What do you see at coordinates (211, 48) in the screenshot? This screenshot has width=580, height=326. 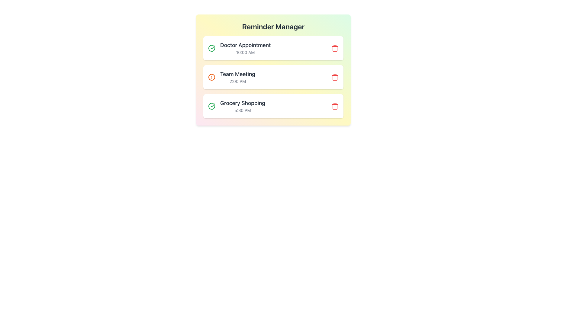 I see `the green circular icon containing a checkmark symbol located to the left of the 'Doctor Appointment' text in the top reminder entry of the 'Reminder Manager' list` at bounding box center [211, 48].